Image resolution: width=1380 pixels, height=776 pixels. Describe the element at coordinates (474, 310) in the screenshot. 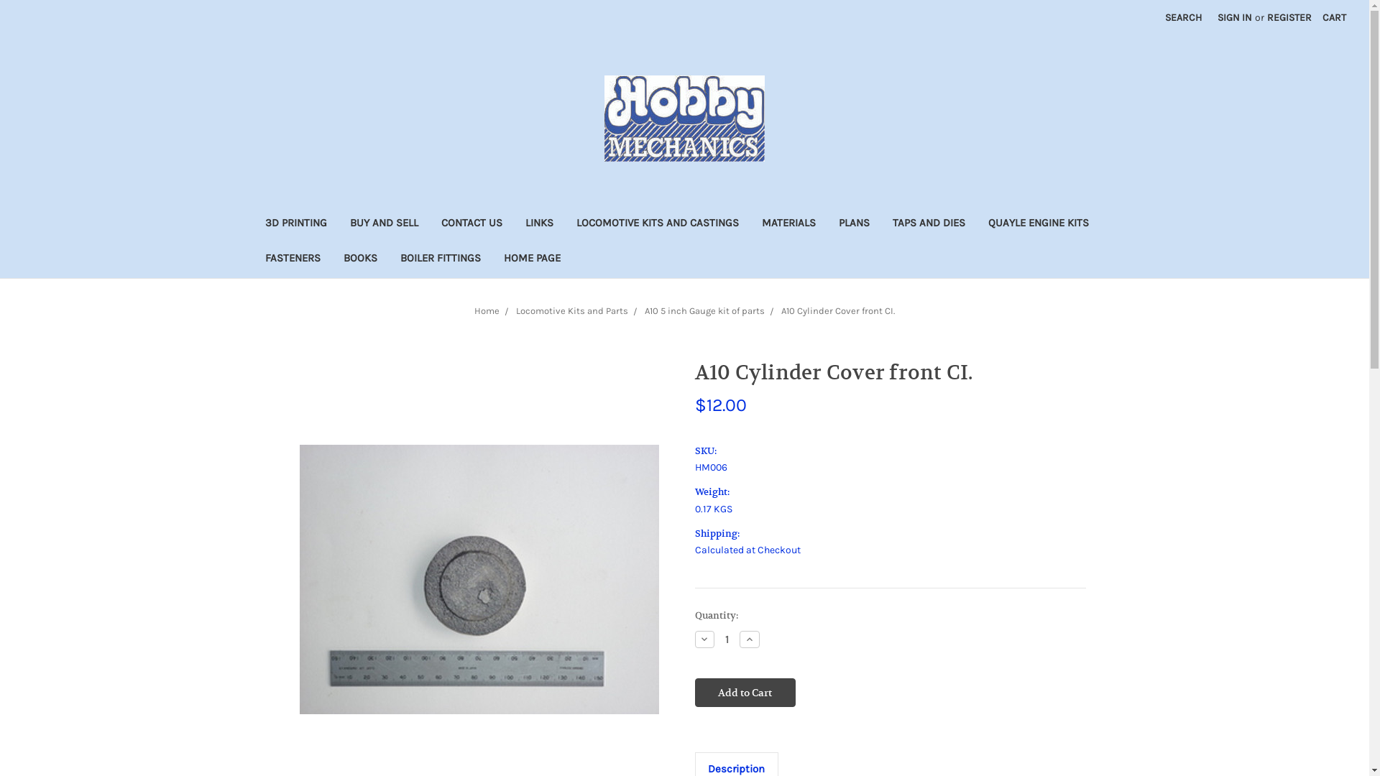

I see `'Home'` at that location.